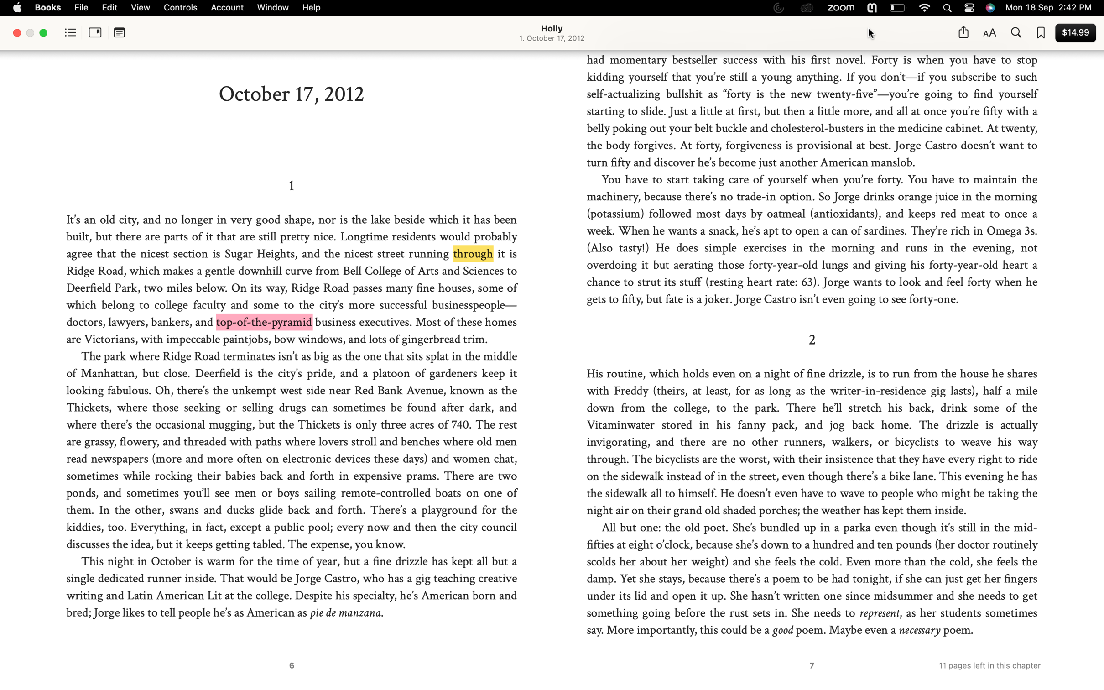 The height and width of the screenshot is (690, 1104). What do you see at coordinates (230184, 69345) in the screenshot?
I see `Move down to the following chapter` at bounding box center [230184, 69345].